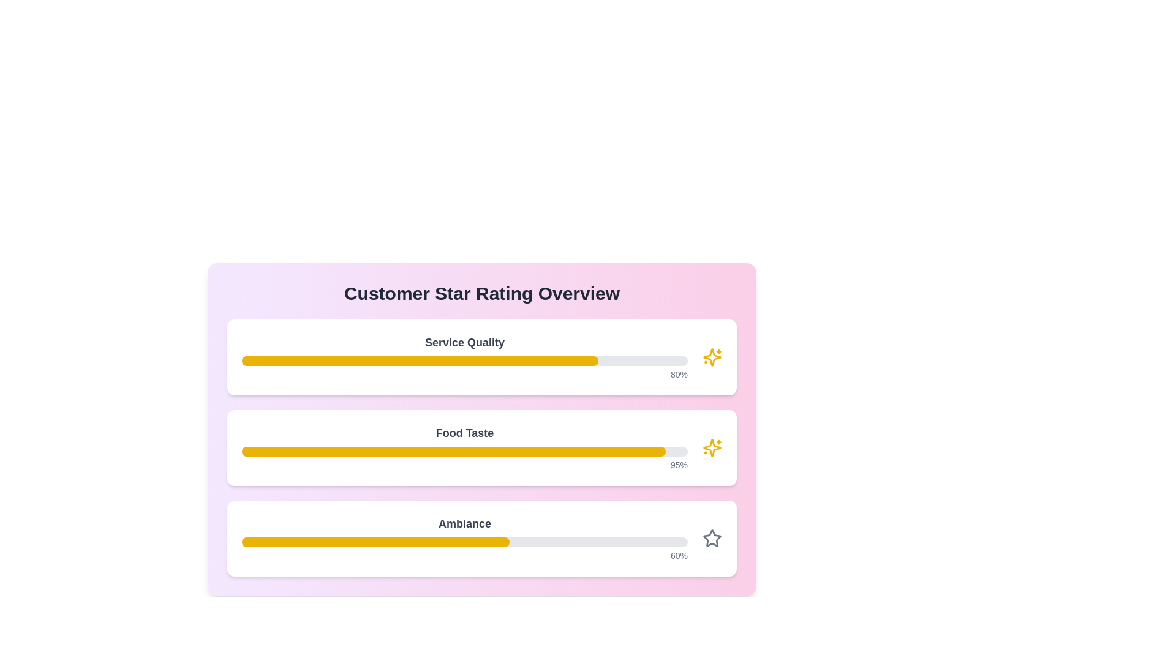 The width and height of the screenshot is (1176, 661). Describe the element at coordinates (464, 342) in the screenshot. I see `the text label displaying 'Service Quality' which is styled in bold gray font and is positioned above a progress bar` at that location.